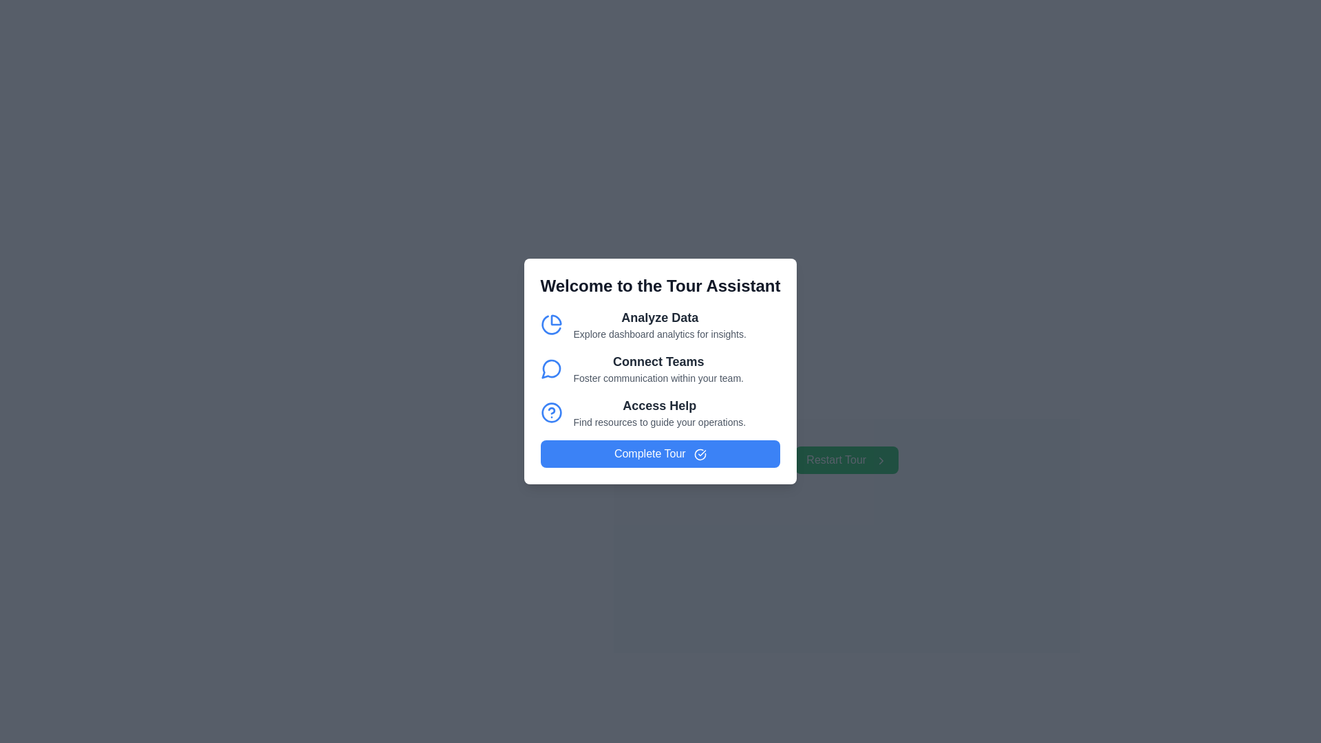 The width and height of the screenshot is (1321, 743). I want to click on the text label that reads 'Find resources to guide your operations.' which is located below the 'Access Help' header in a white modal box against a dark blue-gray background, so click(658, 421).